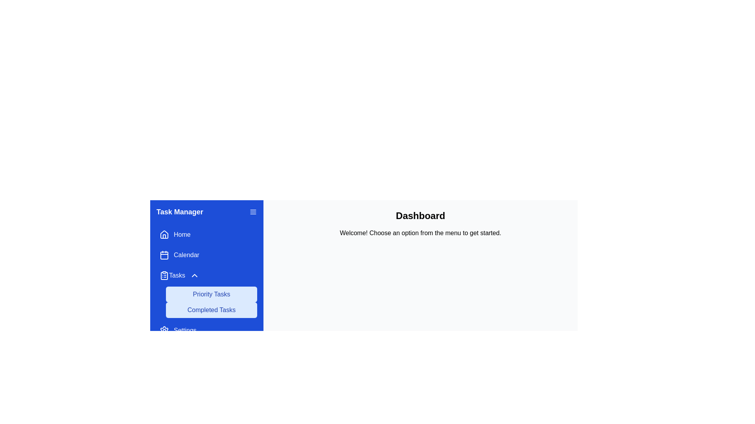 This screenshot has width=755, height=424. I want to click on the minimalistic house icon located to the left of the 'Home' text in the vertical menu, just below the 'Task Manager' heading, so click(164, 234).